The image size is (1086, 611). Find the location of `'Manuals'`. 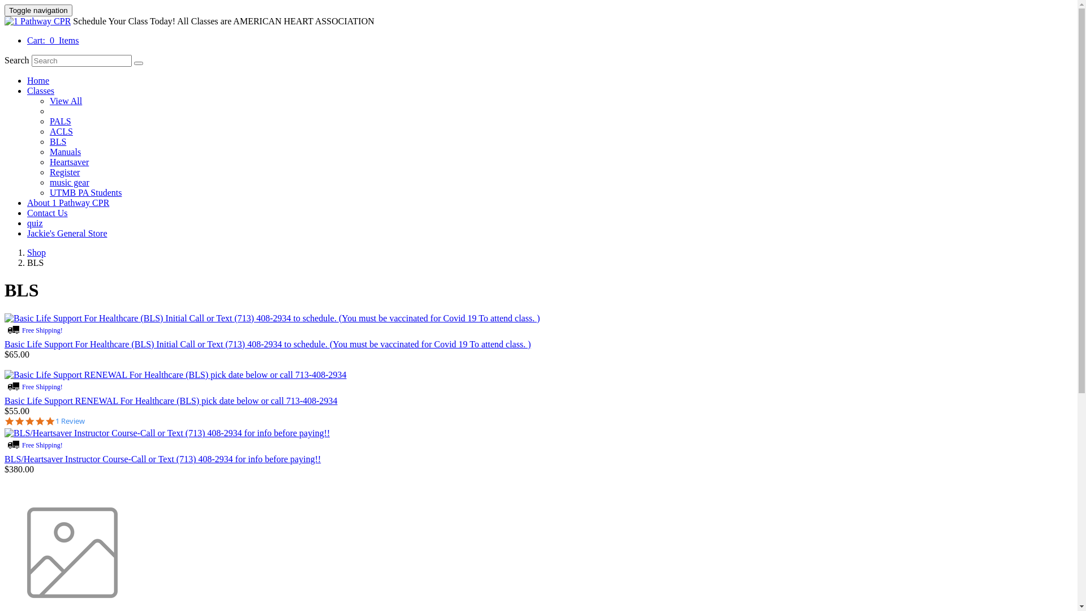

'Manuals' is located at coordinates (64, 151).